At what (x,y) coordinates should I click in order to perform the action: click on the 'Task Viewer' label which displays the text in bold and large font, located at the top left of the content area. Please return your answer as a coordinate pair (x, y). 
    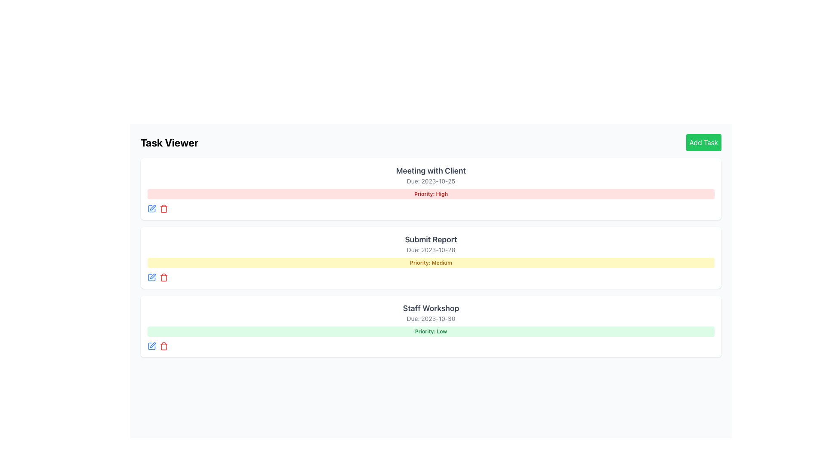
    Looking at the image, I should click on (169, 142).